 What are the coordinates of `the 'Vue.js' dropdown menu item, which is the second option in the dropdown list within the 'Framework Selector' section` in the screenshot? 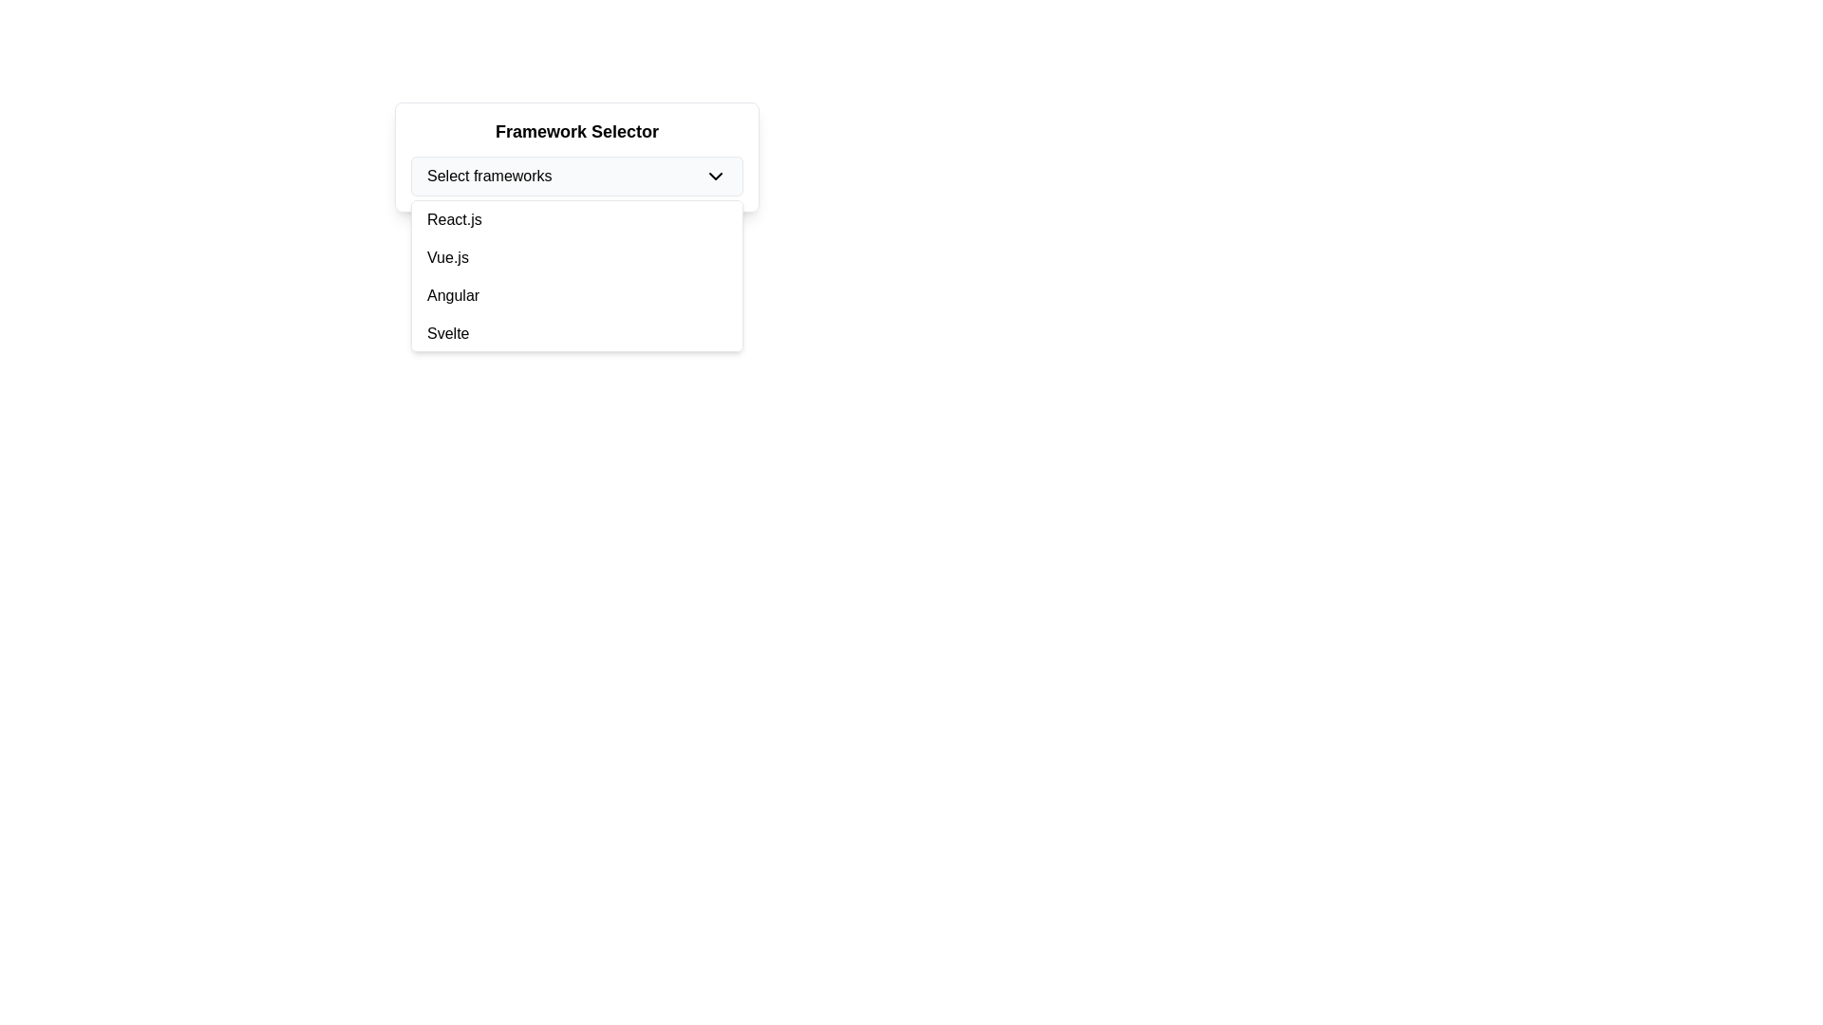 It's located at (576, 258).